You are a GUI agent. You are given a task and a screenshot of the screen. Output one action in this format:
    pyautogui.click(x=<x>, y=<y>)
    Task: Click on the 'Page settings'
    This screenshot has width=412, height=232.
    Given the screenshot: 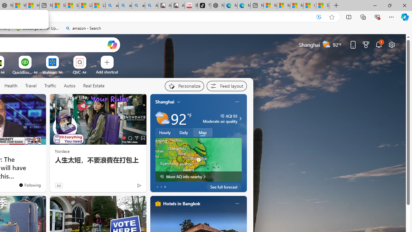 What is the action you would take?
    pyautogui.click(x=391, y=44)
    